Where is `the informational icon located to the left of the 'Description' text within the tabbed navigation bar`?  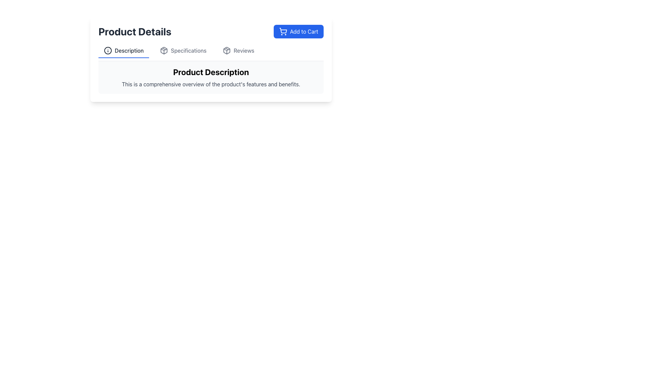
the informational icon located to the left of the 'Description' text within the tabbed navigation bar is located at coordinates (107, 50).